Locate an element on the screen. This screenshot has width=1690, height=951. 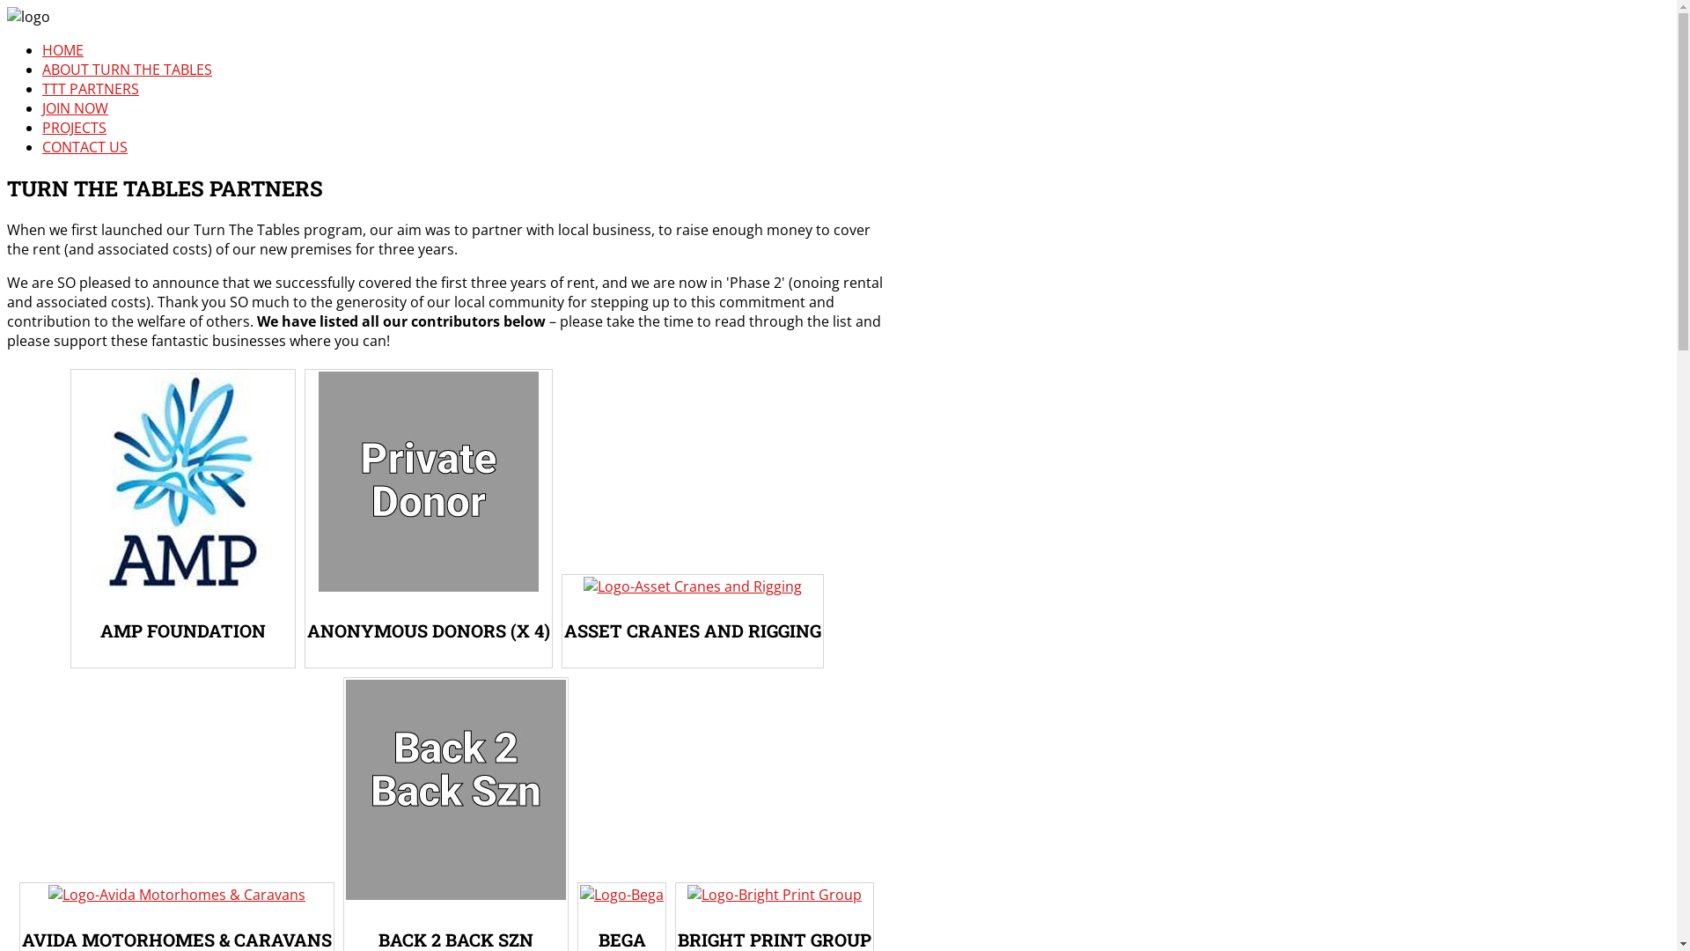
'CONTACT US' is located at coordinates (42, 145).